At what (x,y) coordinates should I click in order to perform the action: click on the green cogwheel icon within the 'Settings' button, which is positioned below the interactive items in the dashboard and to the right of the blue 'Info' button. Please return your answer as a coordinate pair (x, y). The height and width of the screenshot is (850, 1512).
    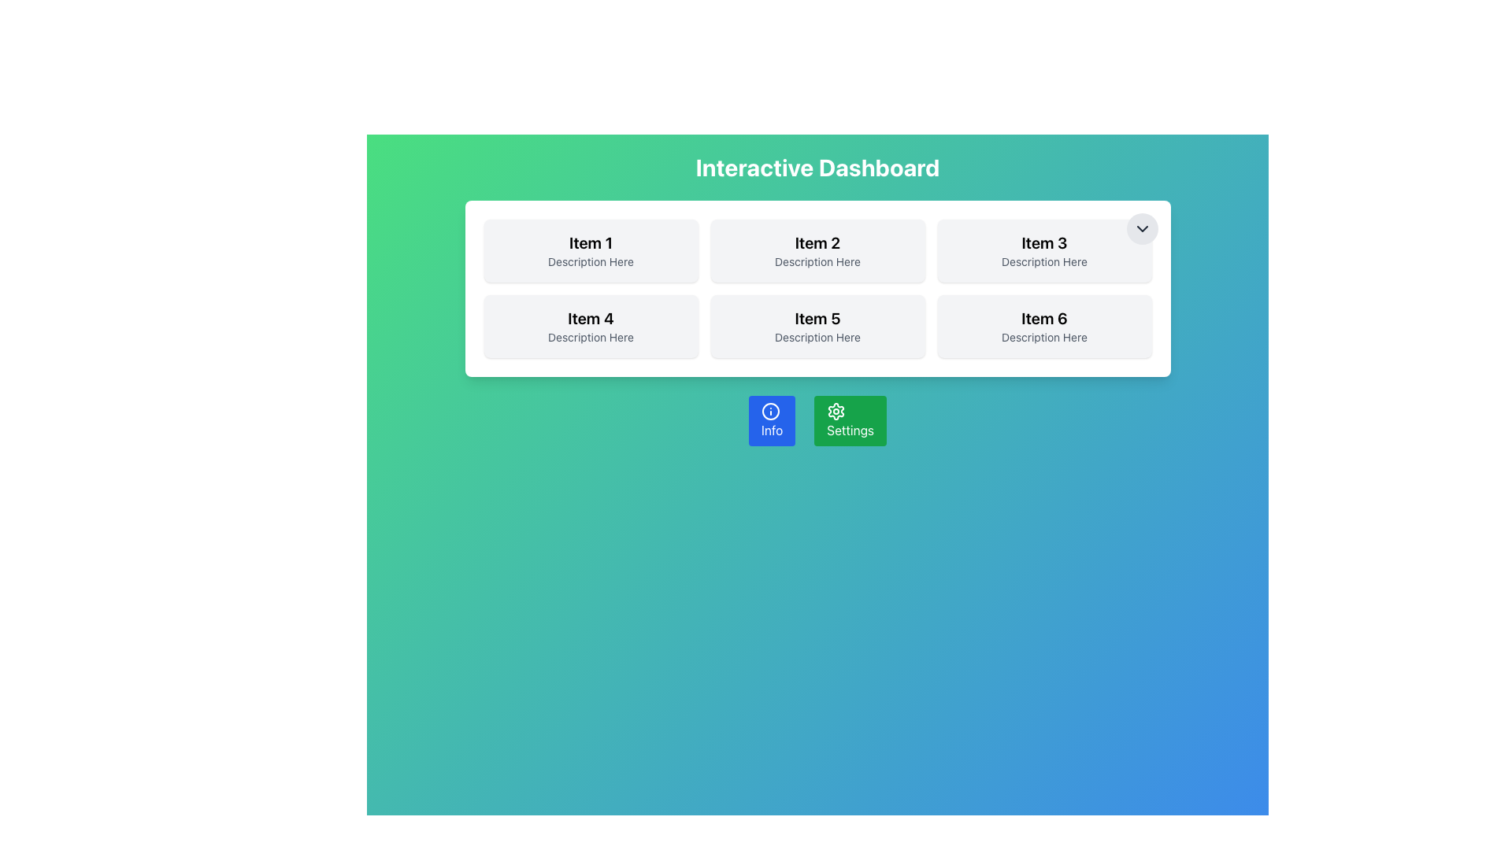
    Looking at the image, I should click on (836, 411).